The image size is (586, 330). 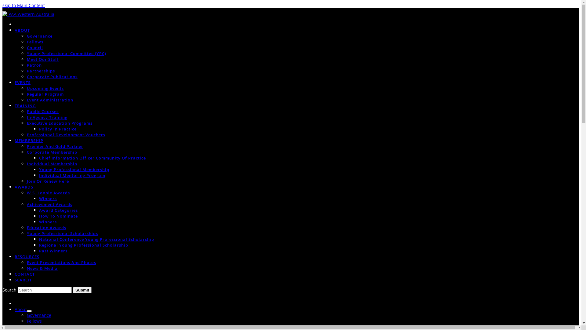 What do you see at coordinates (48, 181) in the screenshot?
I see `'Join Or Renew Here'` at bounding box center [48, 181].